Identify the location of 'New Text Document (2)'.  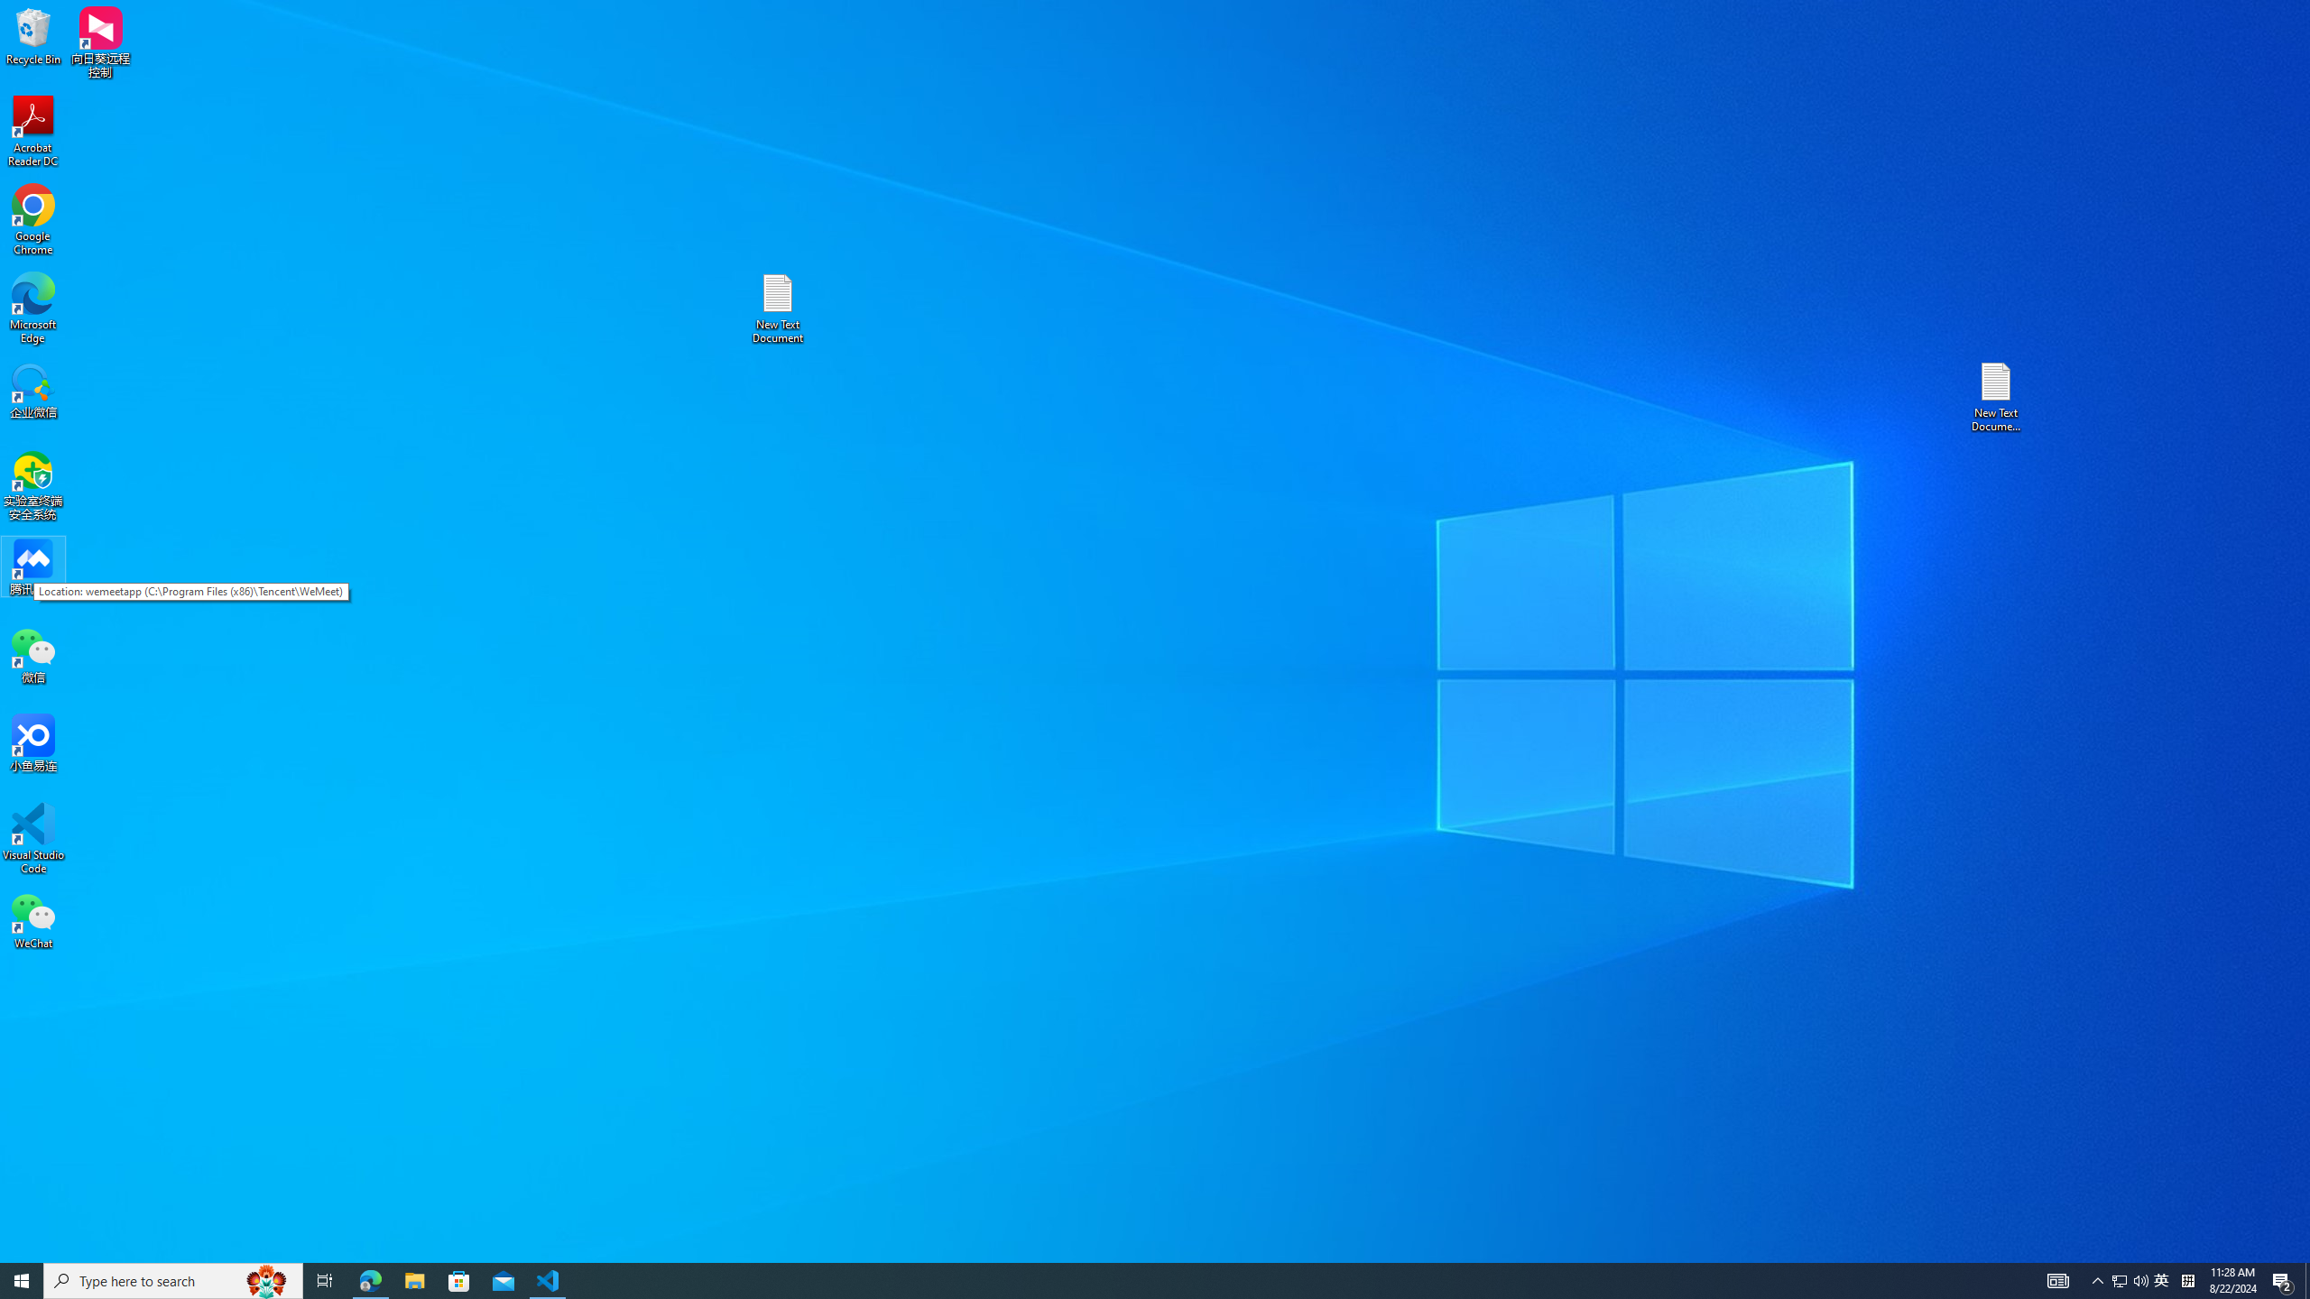
(1997, 395).